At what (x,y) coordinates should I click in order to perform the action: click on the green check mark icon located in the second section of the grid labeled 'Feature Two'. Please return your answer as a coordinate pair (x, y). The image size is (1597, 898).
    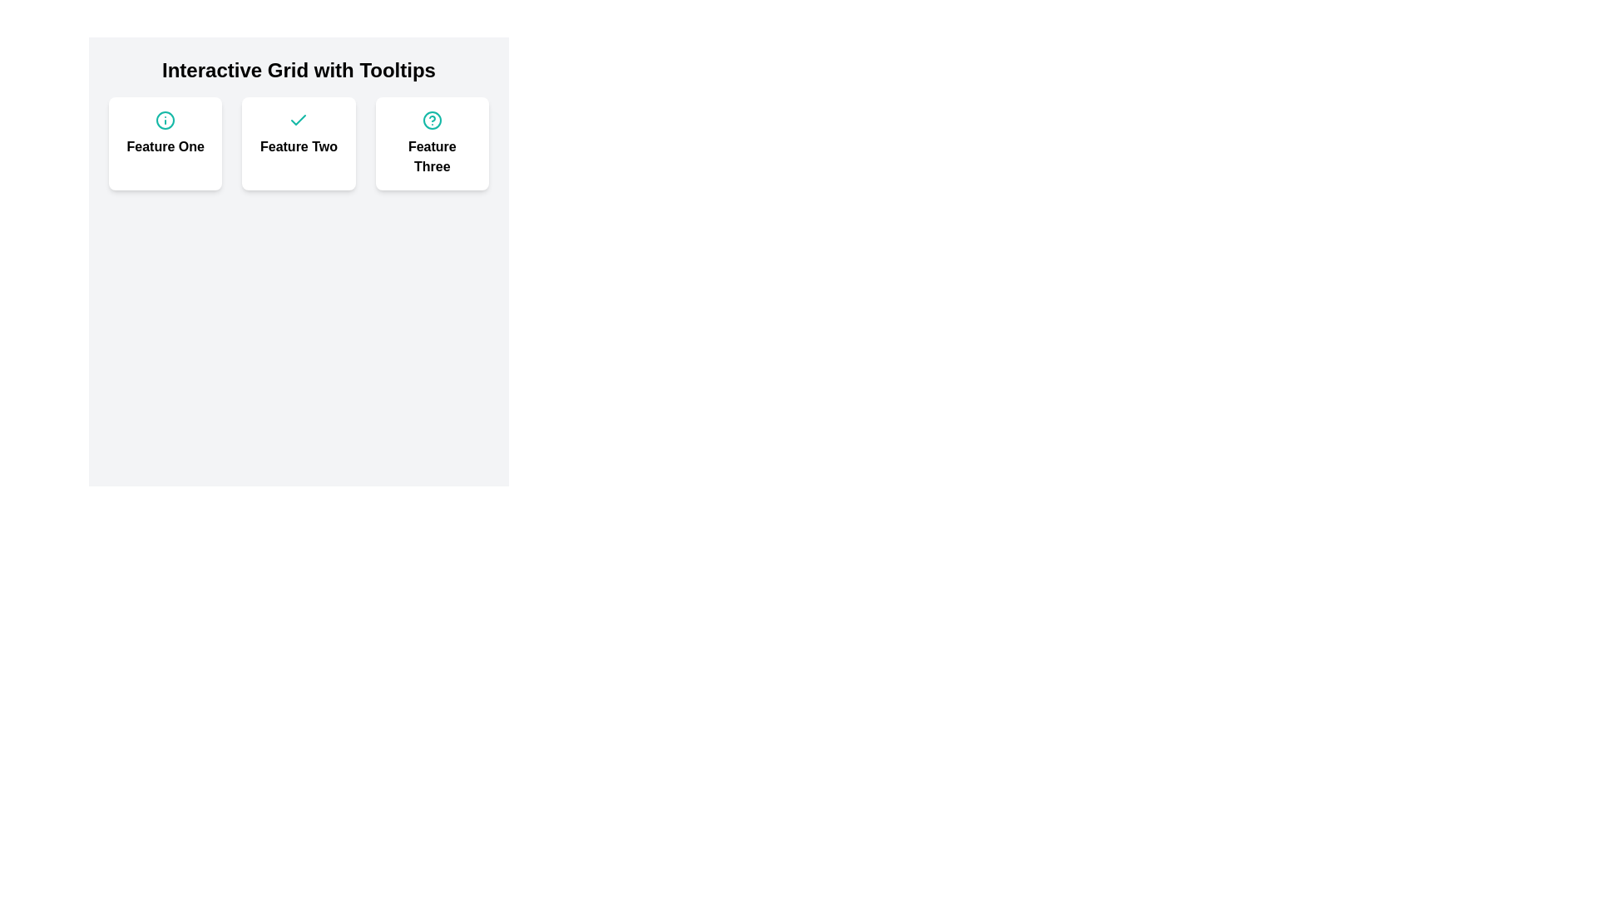
    Looking at the image, I should click on (299, 119).